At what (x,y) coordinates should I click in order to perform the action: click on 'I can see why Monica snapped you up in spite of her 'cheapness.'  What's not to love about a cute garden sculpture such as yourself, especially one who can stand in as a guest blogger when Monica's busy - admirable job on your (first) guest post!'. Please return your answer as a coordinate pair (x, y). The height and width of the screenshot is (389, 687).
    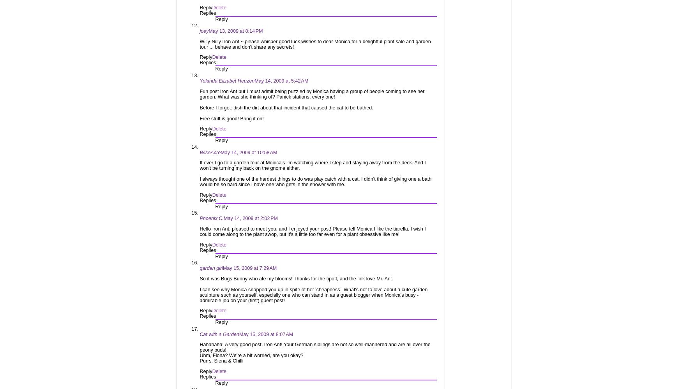
    Looking at the image, I should click on (199, 294).